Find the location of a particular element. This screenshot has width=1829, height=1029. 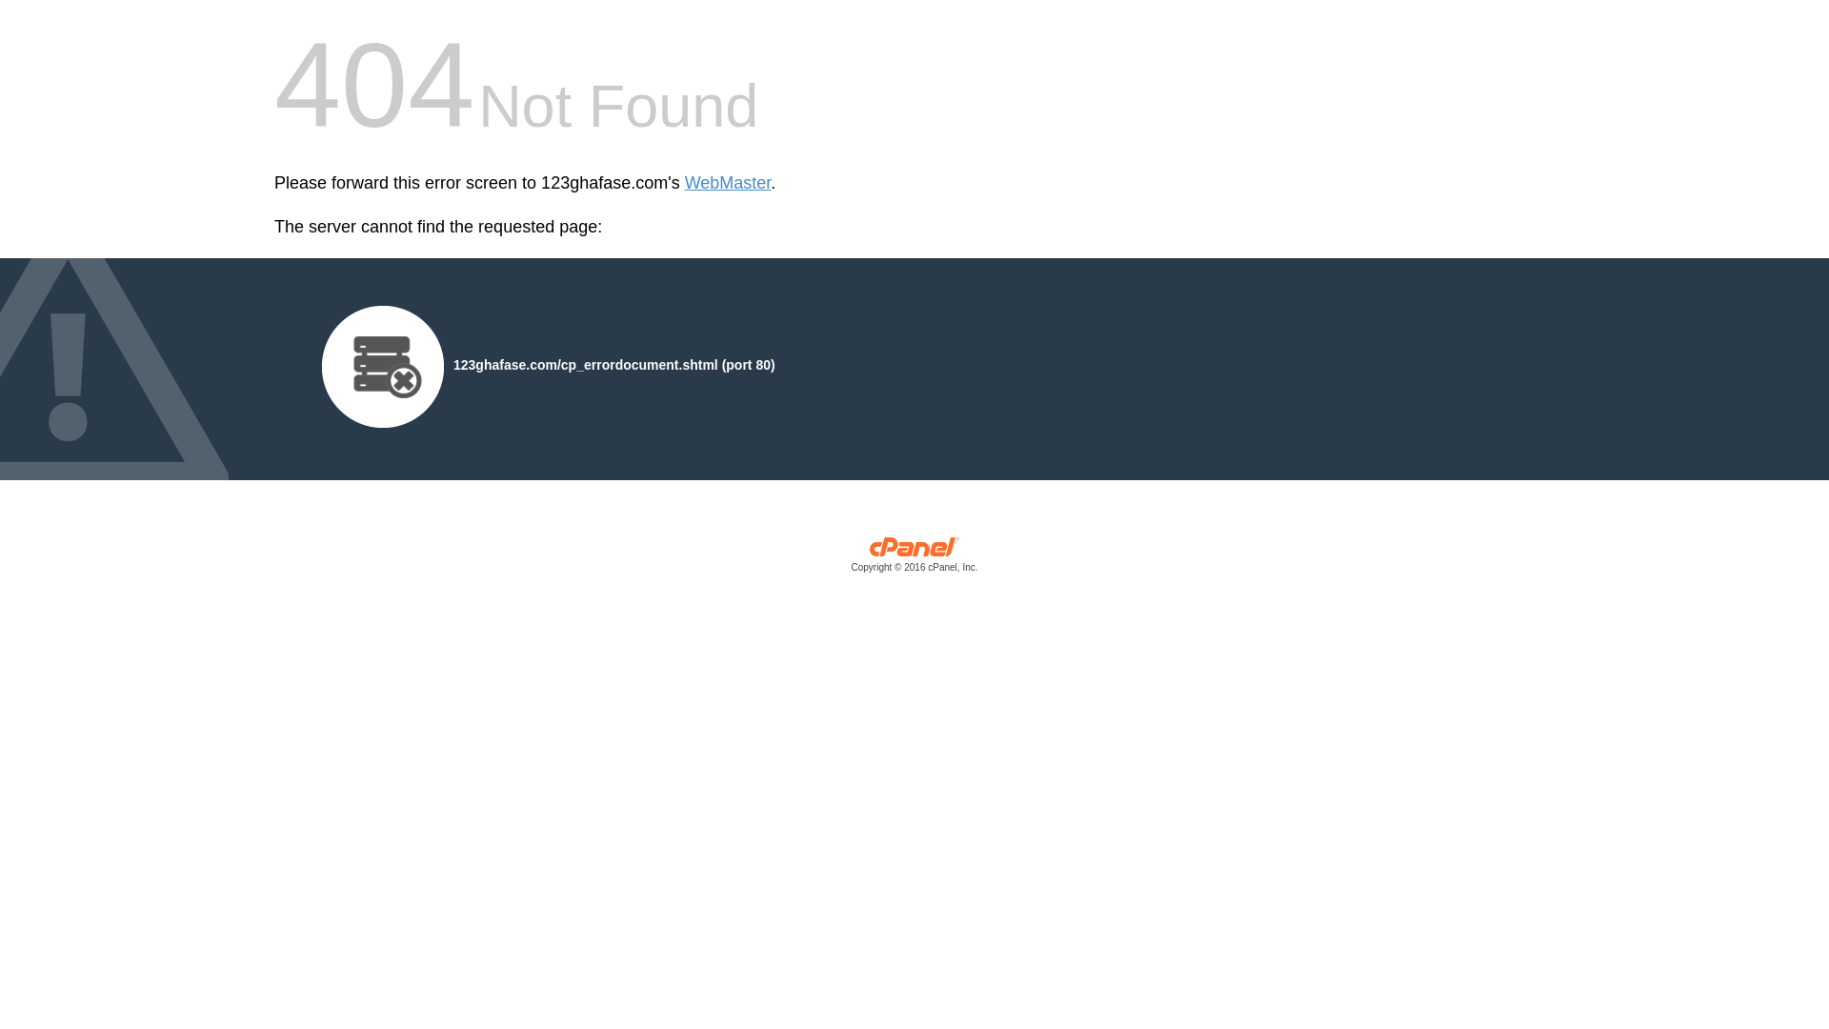

'WebMaster' is located at coordinates (727, 183).